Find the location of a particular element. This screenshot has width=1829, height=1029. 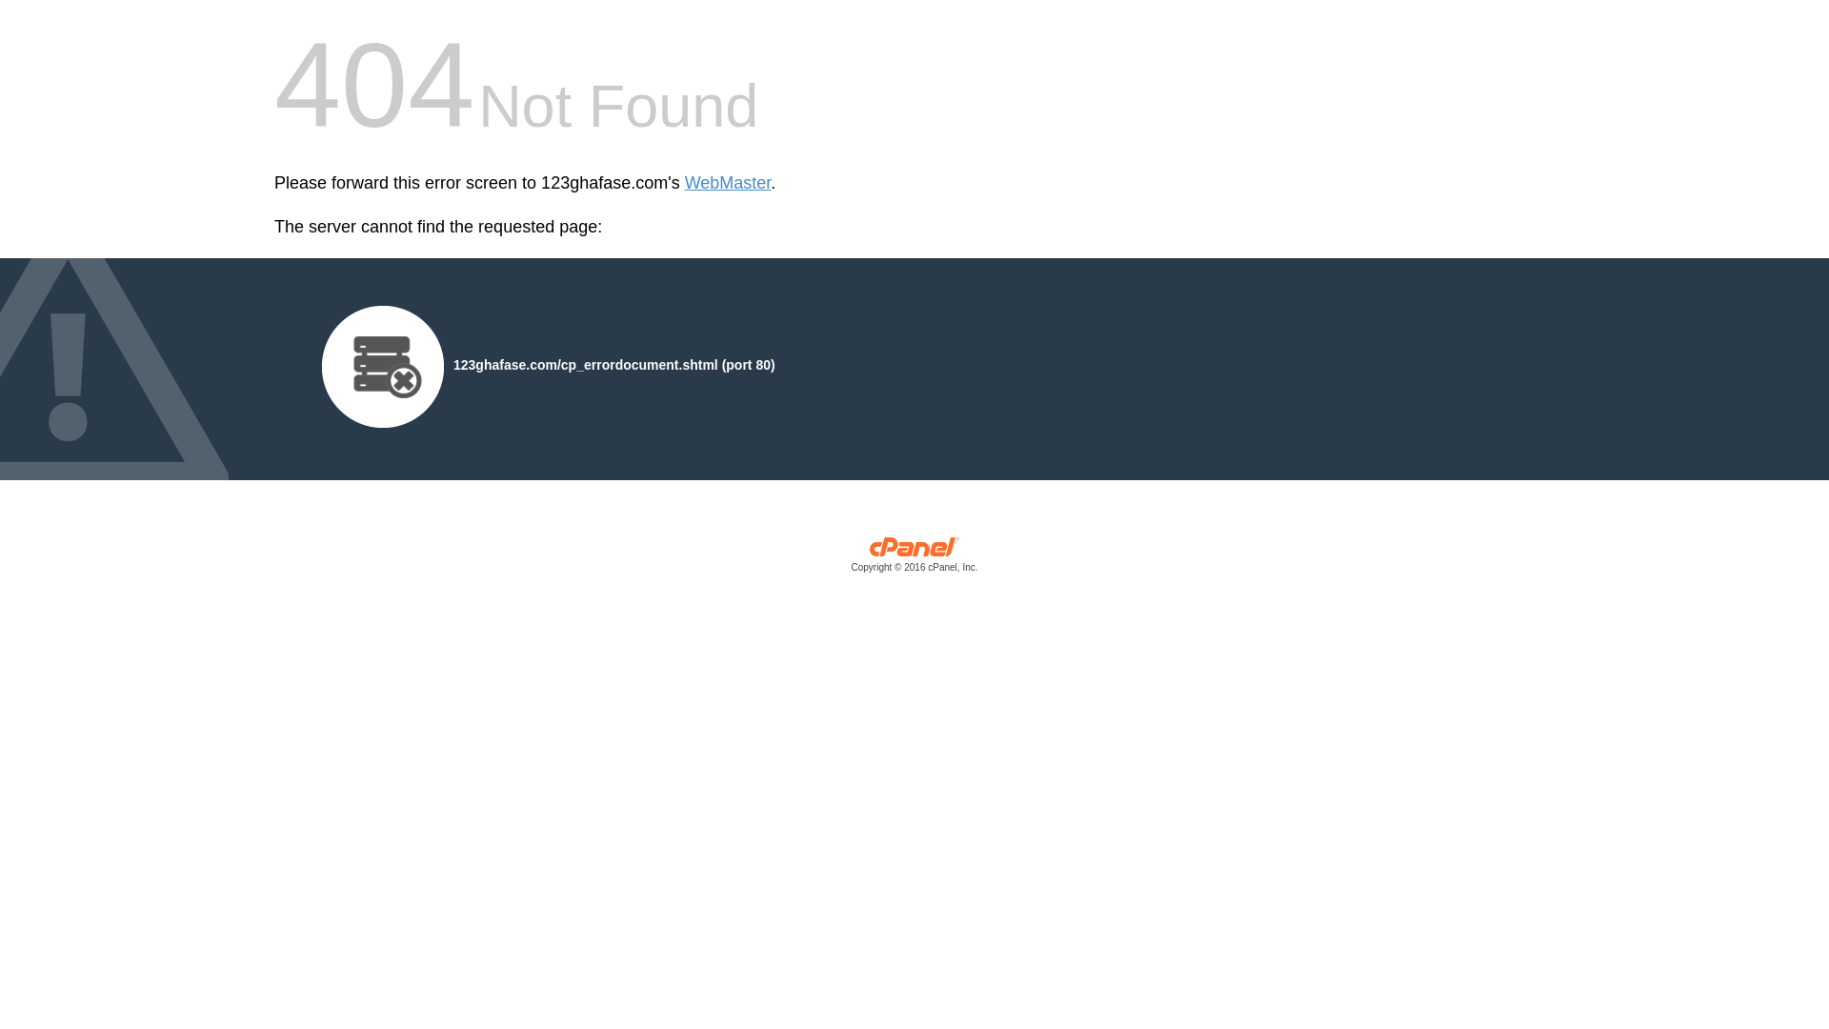

'WebMaster' is located at coordinates (727, 183).